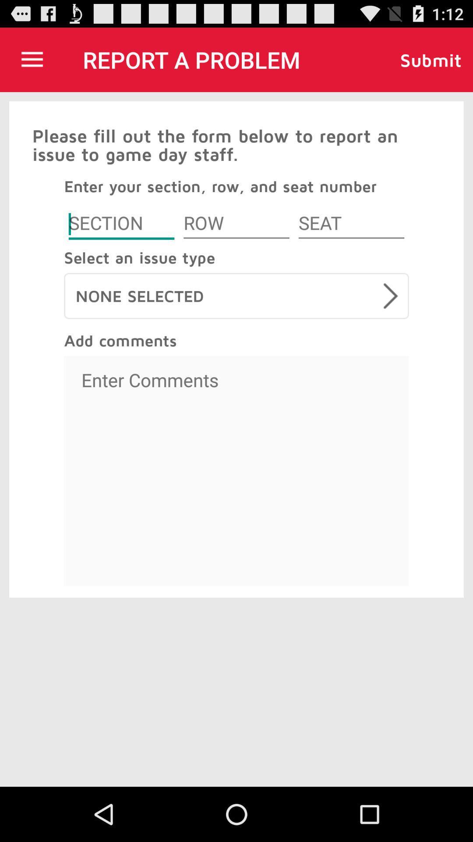  Describe the element at coordinates (121, 225) in the screenshot. I see `dialog box` at that location.